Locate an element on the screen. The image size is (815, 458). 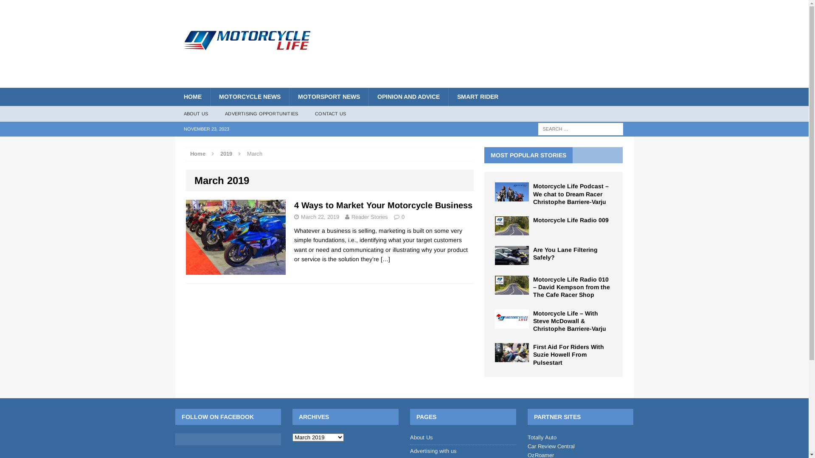
'ABOUT US' is located at coordinates (174, 114).